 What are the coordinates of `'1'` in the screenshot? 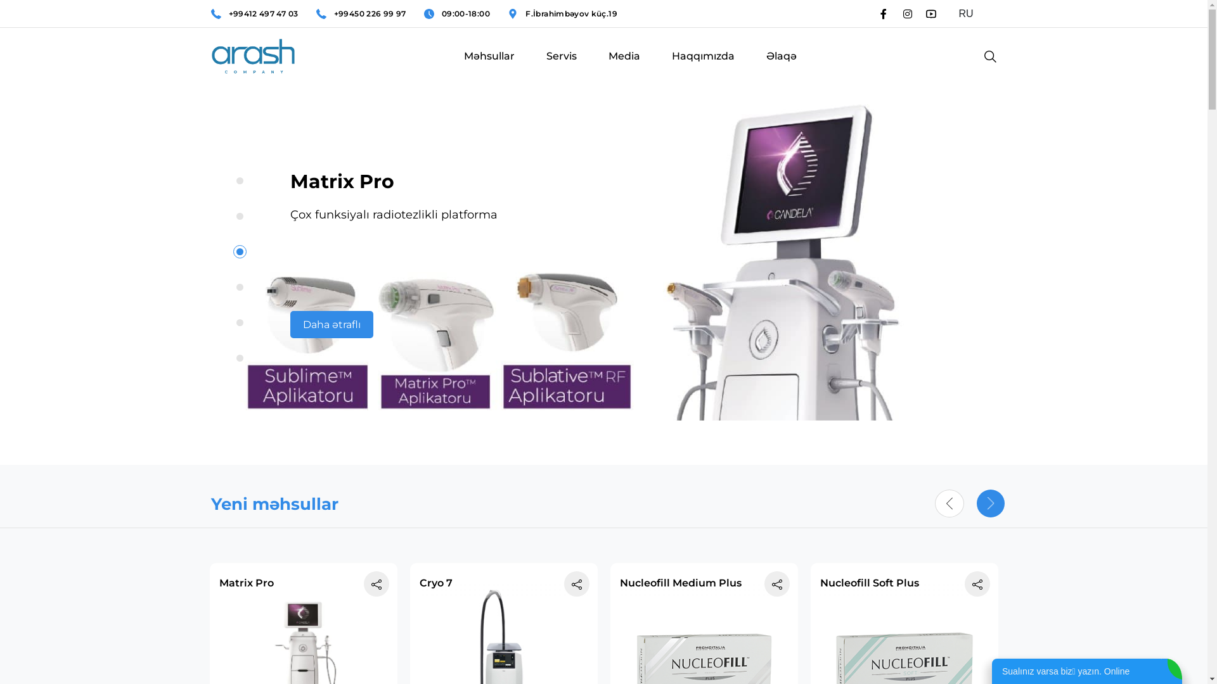 It's located at (239, 180).